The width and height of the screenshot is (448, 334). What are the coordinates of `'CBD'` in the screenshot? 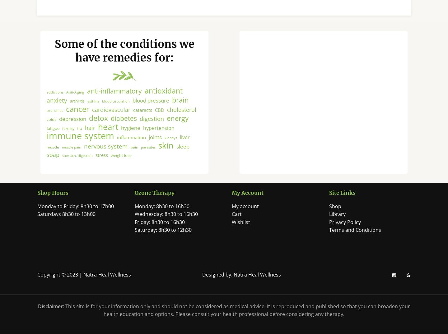 It's located at (159, 115).